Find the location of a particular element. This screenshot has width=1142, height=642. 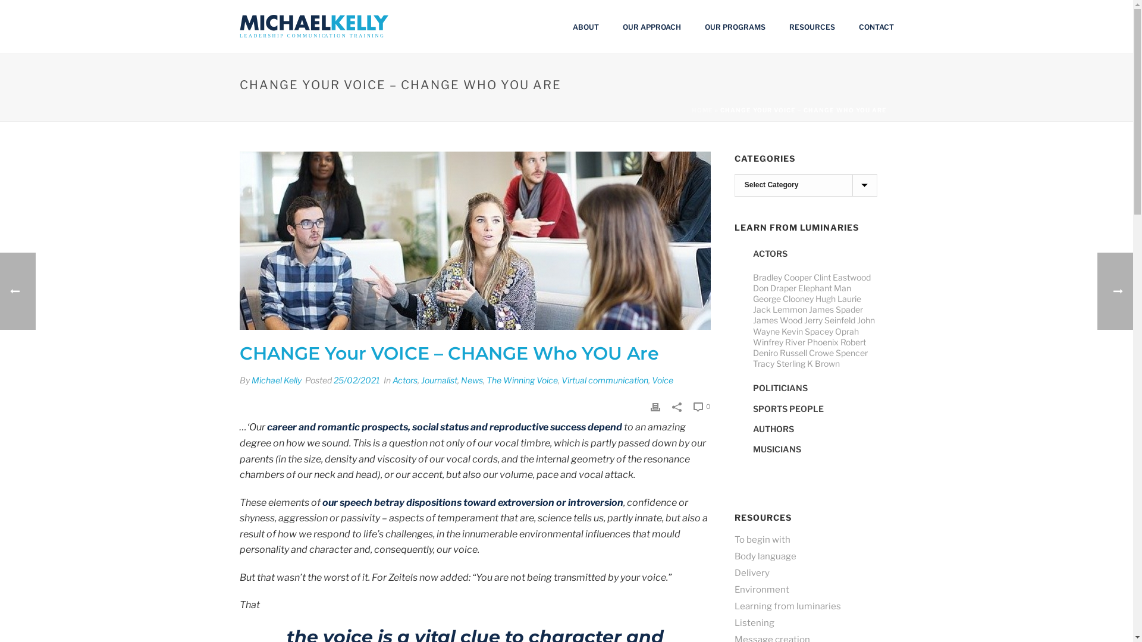

'James Wood' is located at coordinates (777, 319).